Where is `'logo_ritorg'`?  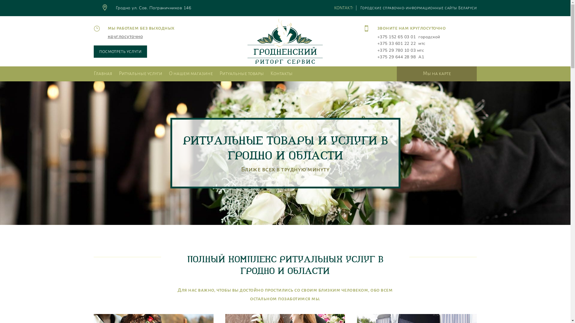 'logo_ritorg' is located at coordinates (285, 41).